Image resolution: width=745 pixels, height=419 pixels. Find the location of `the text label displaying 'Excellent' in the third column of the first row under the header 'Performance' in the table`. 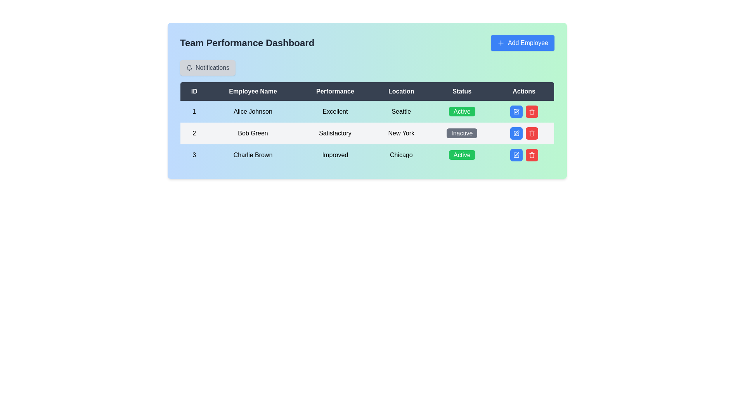

the text label displaying 'Excellent' in the third column of the first row under the header 'Performance' in the table is located at coordinates (335, 112).